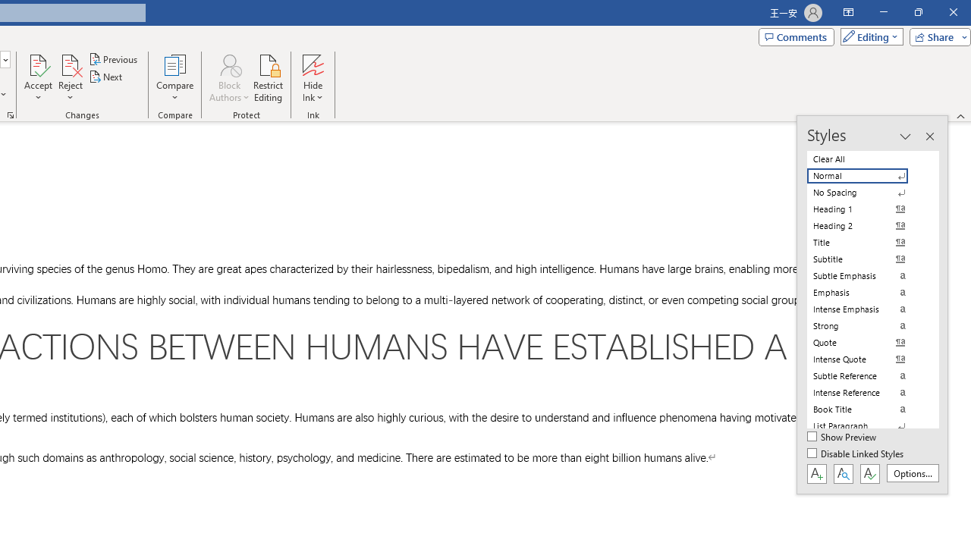 The width and height of the screenshot is (971, 546). Describe the element at coordinates (114, 58) in the screenshot. I see `'Previous'` at that location.